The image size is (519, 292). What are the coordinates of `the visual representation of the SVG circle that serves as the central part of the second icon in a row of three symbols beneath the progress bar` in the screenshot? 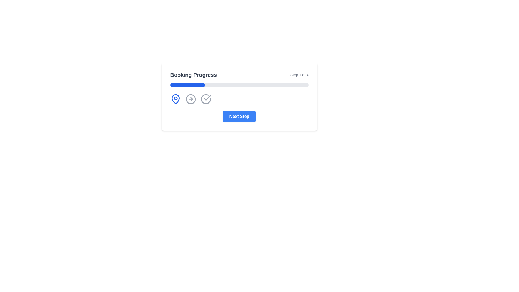 It's located at (191, 99).